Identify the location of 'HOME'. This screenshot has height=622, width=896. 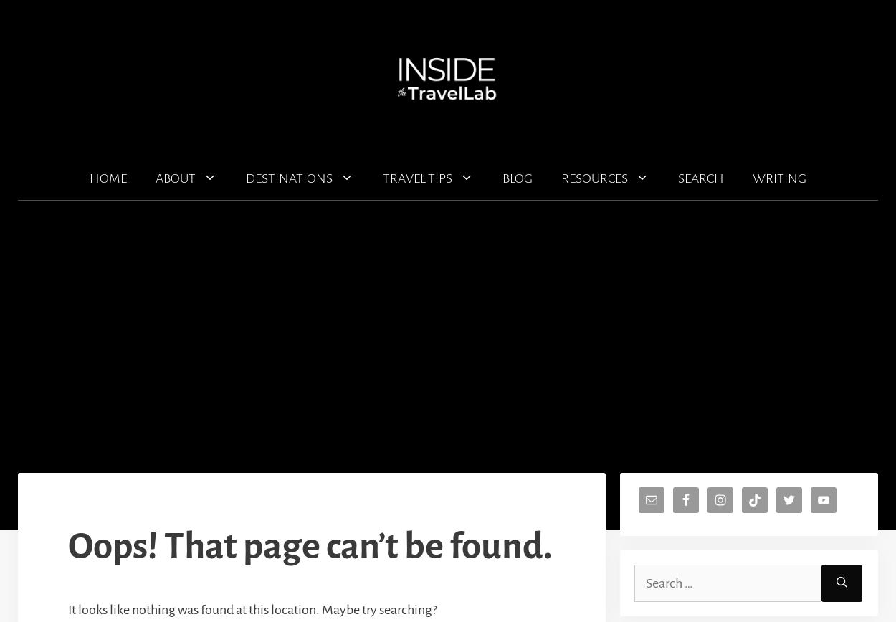
(108, 178).